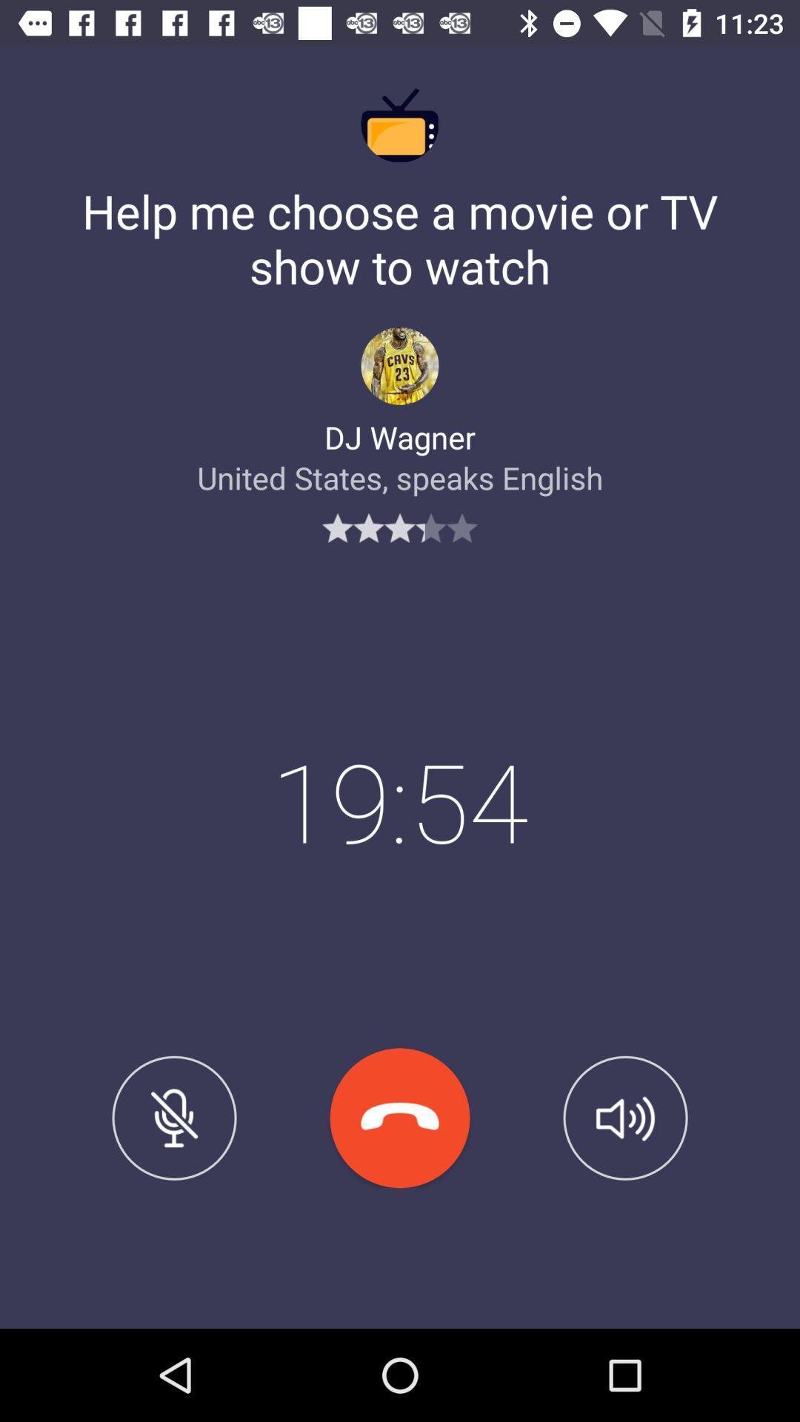 The image size is (800, 1422). I want to click on speaker option, so click(625, 1118).